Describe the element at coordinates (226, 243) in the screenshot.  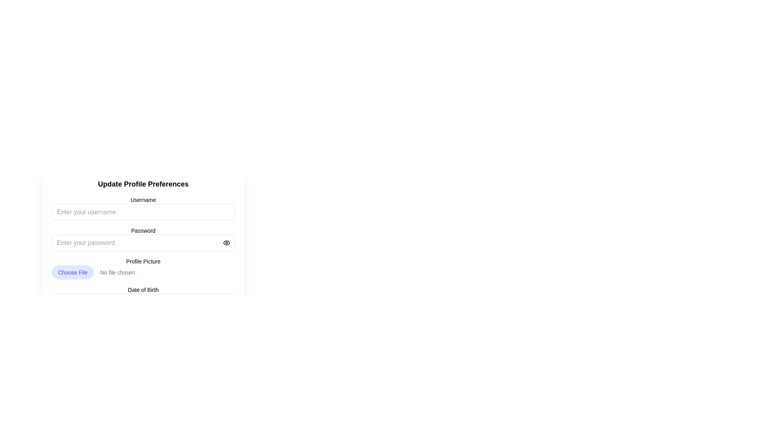
I see `the circular button with an eye icon` at that location.